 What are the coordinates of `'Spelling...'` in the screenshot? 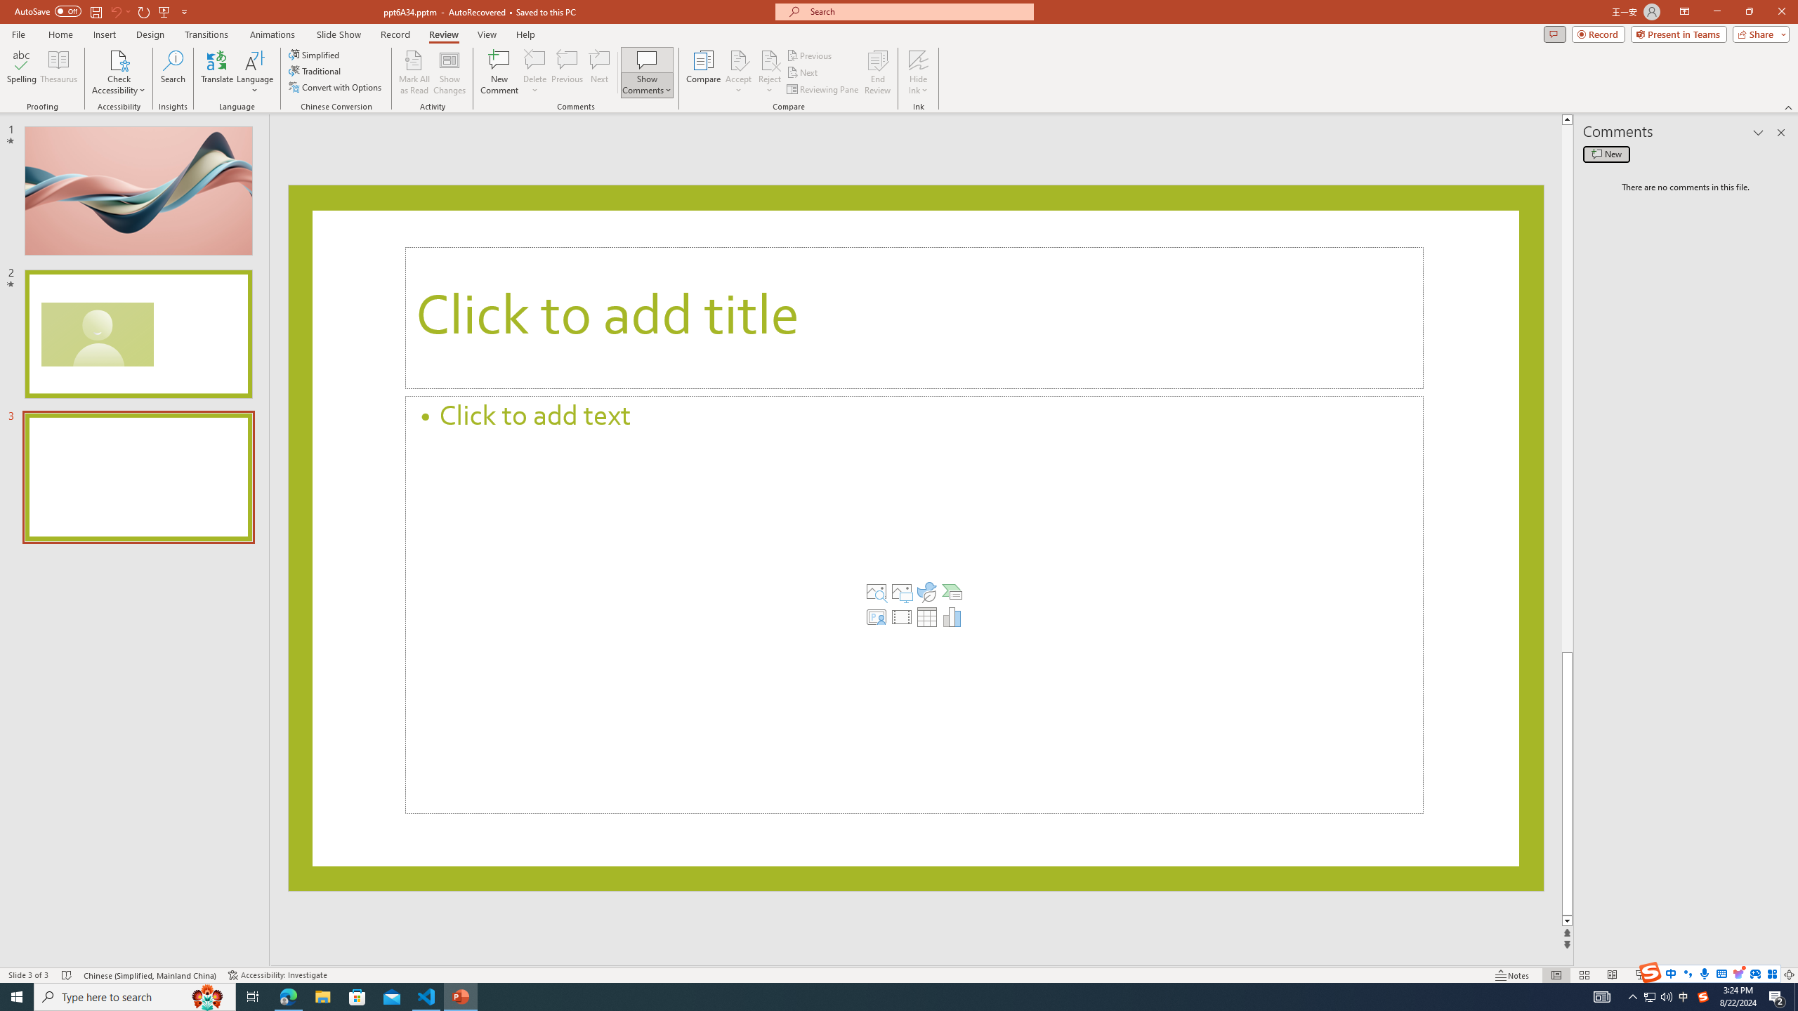 It's located at (20, 72).